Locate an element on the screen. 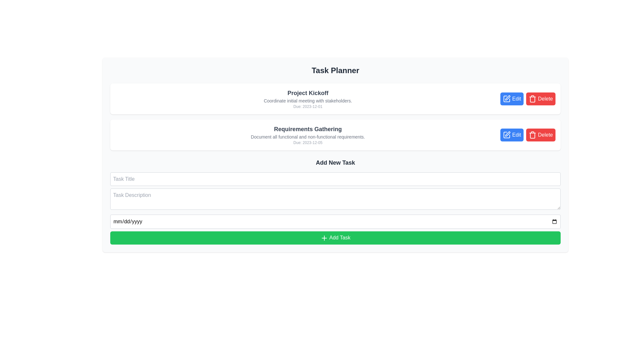  the bold, large-sized 'Task Planner' text label displayed at the top of the card layout is located at coordinates (335, 71).